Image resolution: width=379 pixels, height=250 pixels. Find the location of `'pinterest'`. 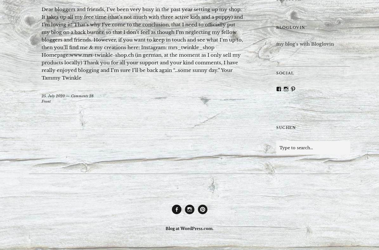

'pinterest' is located at coordinates (209, 216).